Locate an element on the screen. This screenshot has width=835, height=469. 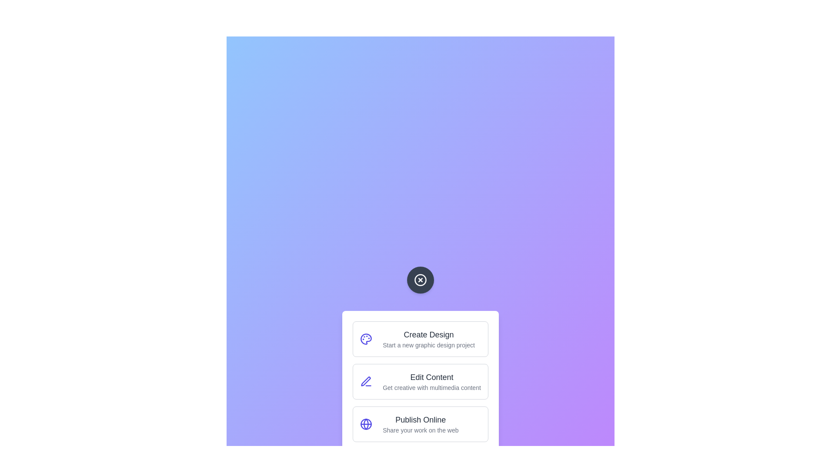
the action item Edit Content is located at coordinates (420, 381).